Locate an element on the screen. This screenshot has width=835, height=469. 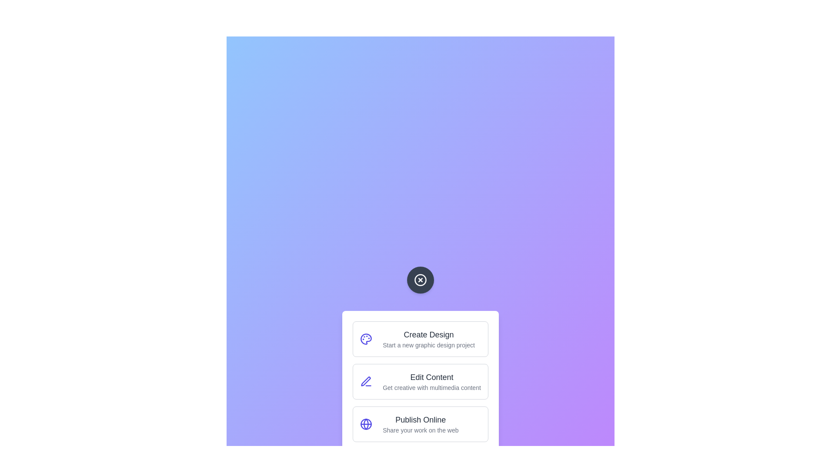
the action item Edit Content is located at coordinates (420, 381).